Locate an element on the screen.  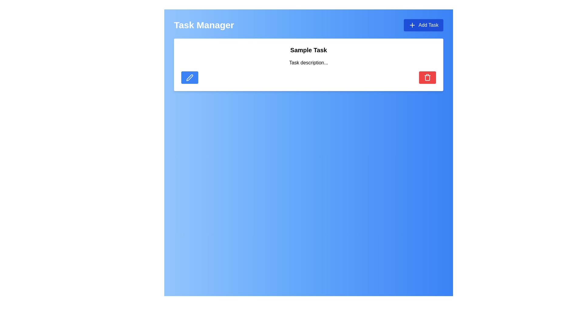
the pen icon located within the button on the left side of the task panel is located at coordinates (189, 77).